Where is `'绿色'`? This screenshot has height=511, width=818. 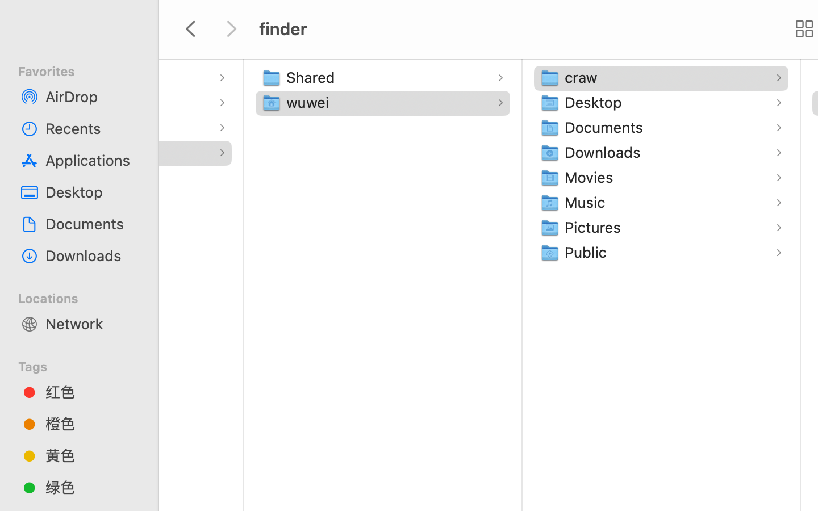
'绿色' is located at coordinates (90, 487).